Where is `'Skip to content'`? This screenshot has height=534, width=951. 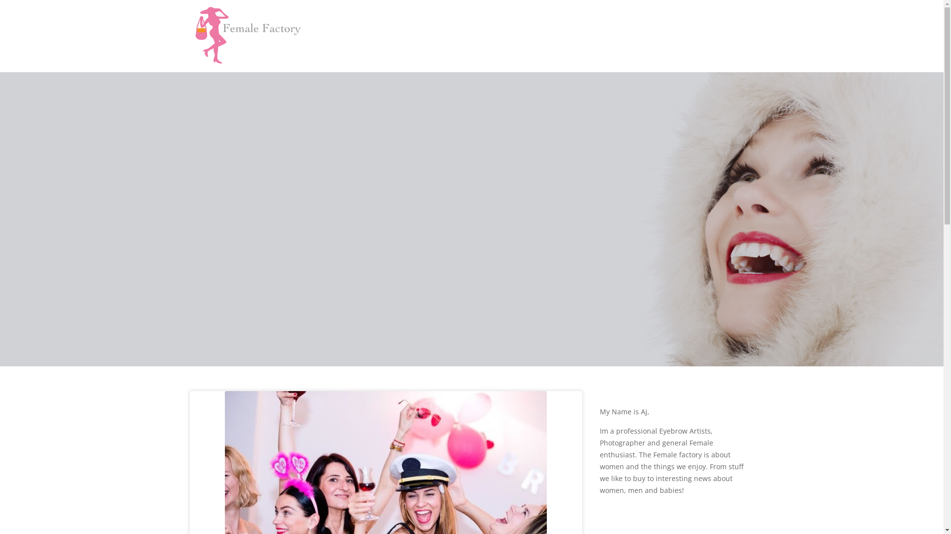
'Skip to content' is located at coordinates (0, 0).